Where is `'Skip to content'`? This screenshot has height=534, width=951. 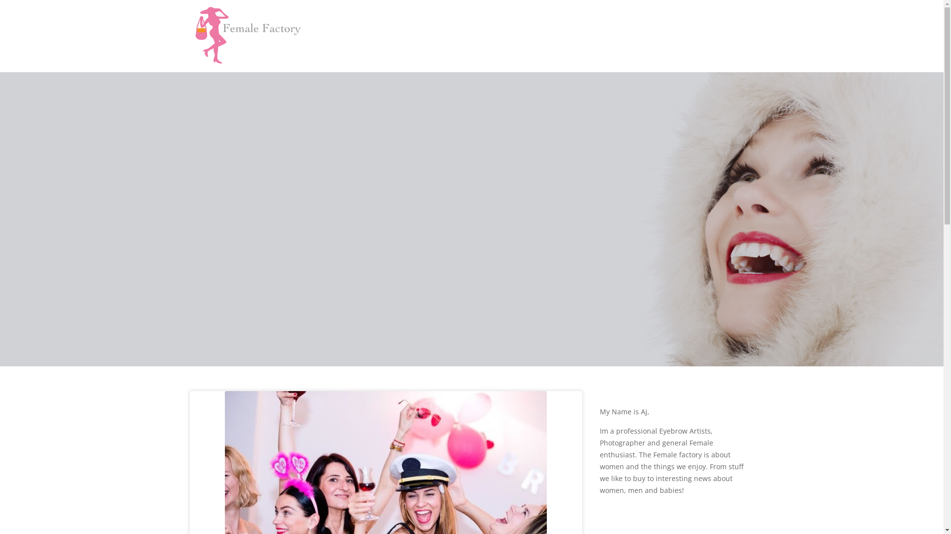
'Skip to content' is located at coordinates (0, 0).